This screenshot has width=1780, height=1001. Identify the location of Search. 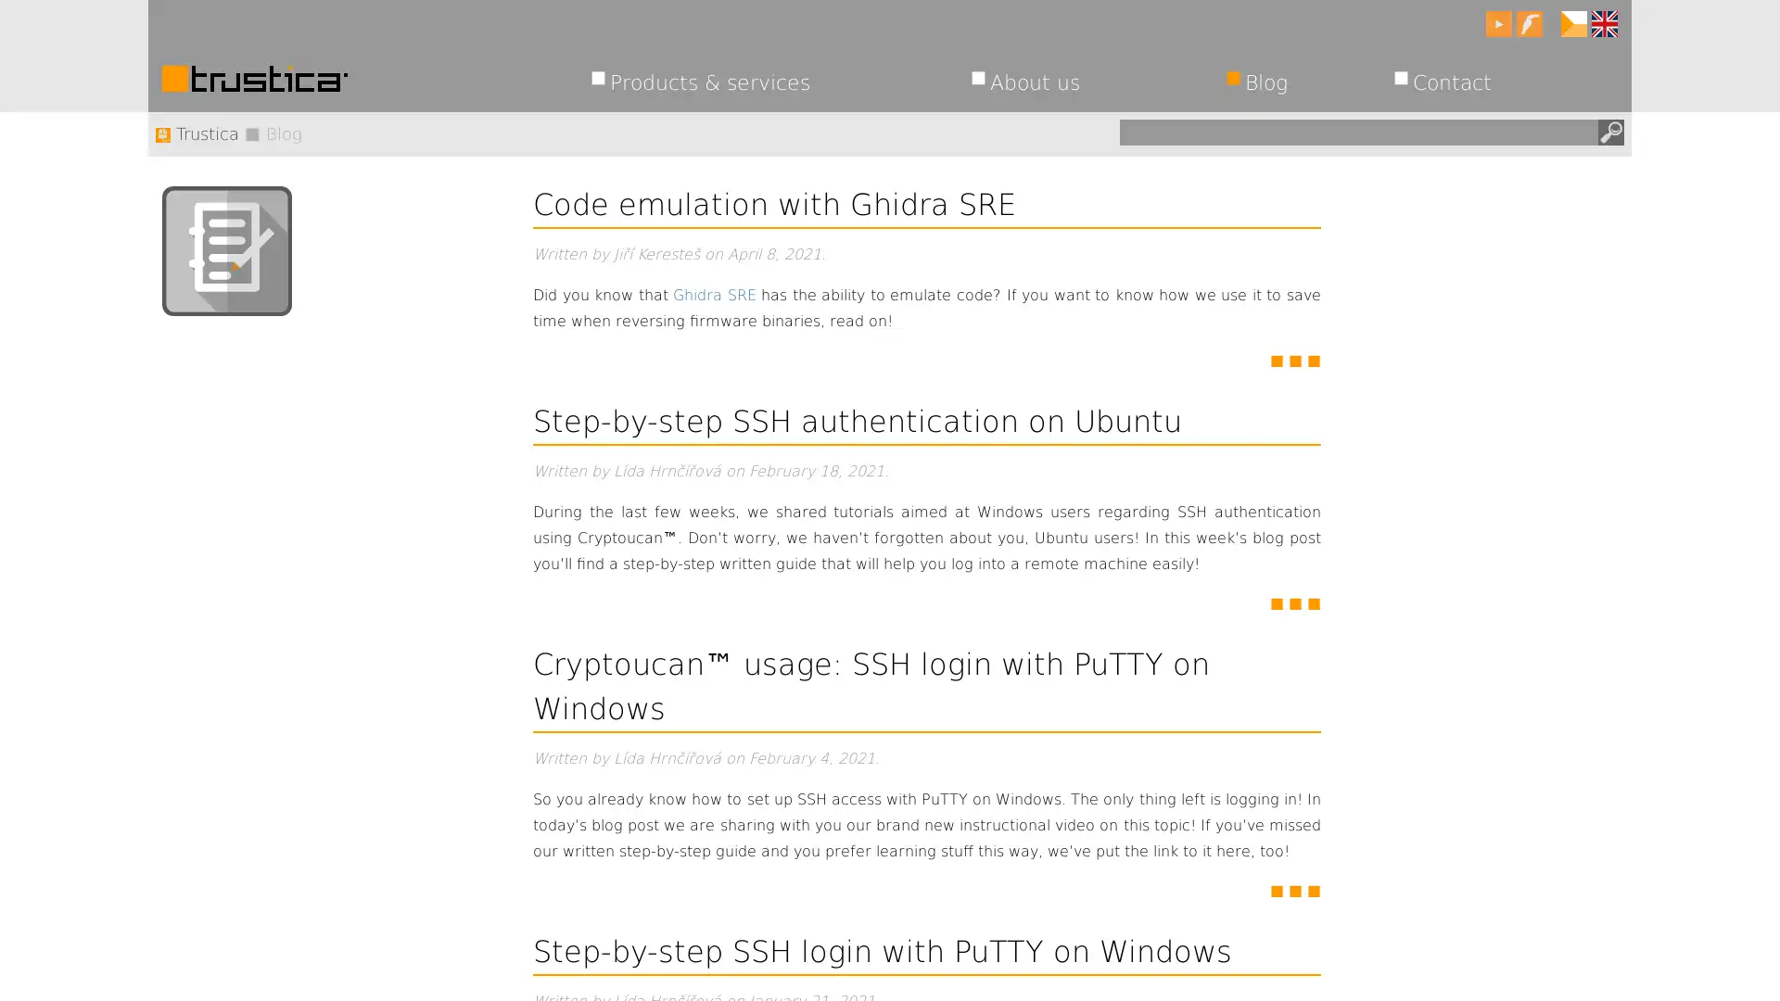
(1609, 131).